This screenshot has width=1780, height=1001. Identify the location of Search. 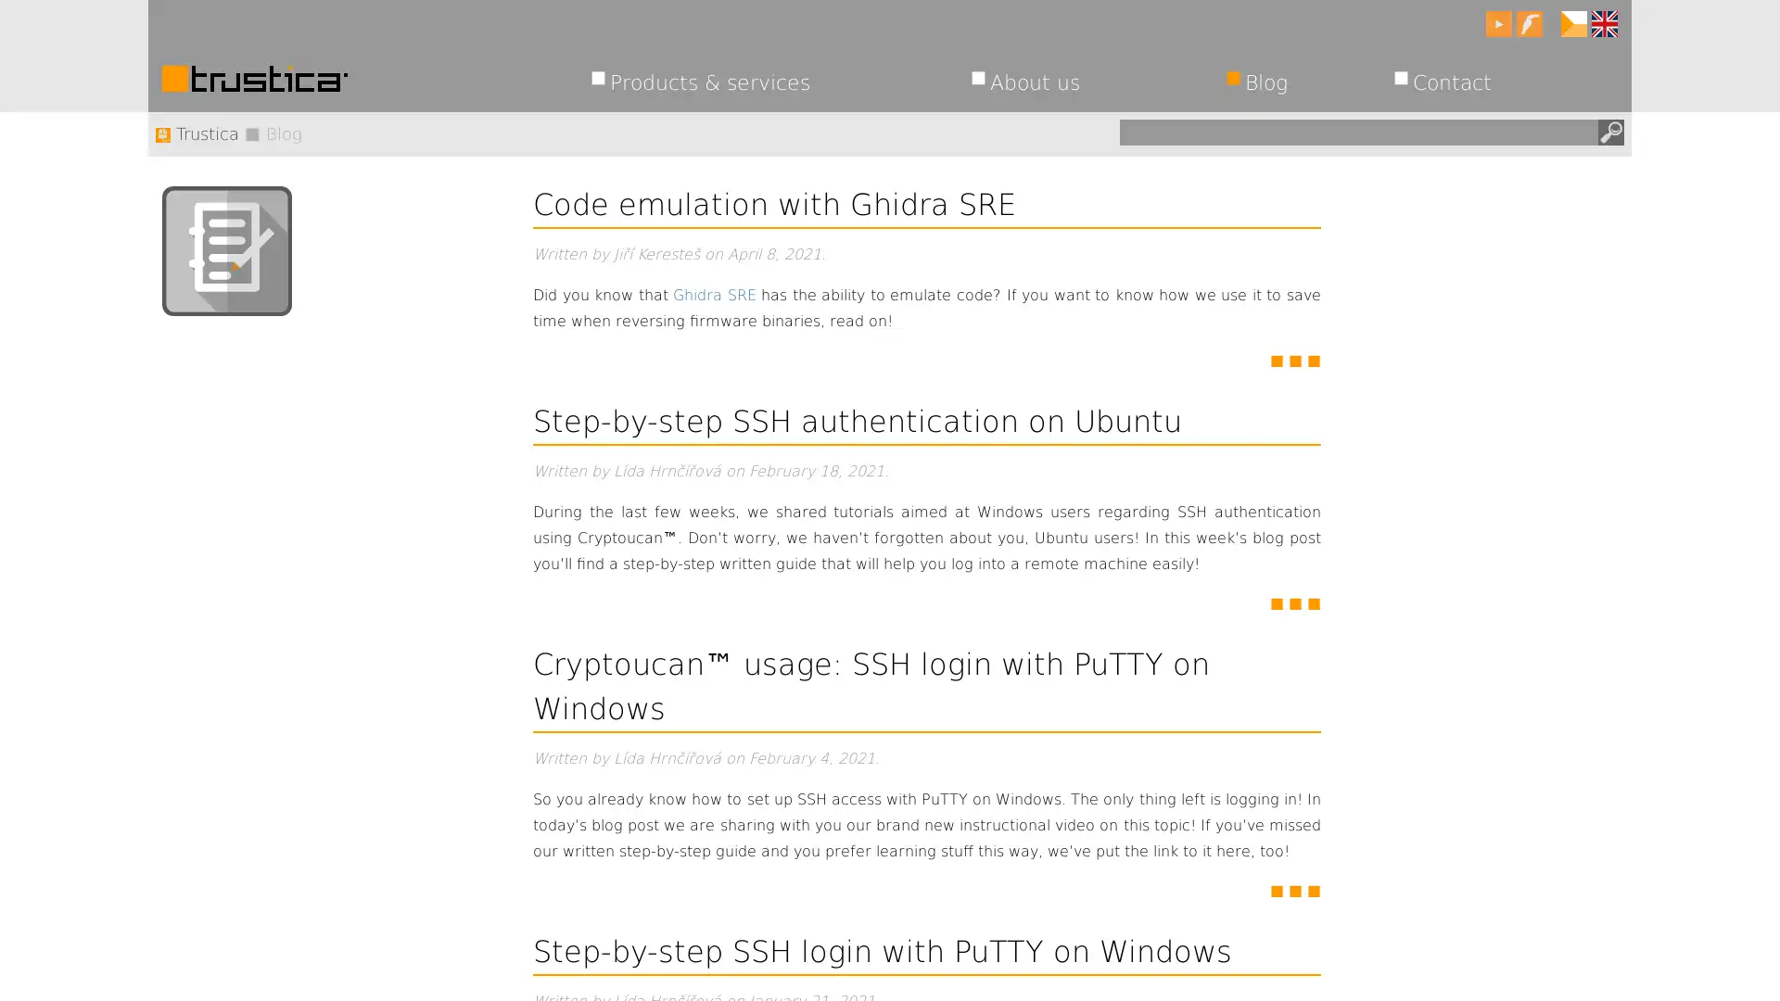
(1609, 131).